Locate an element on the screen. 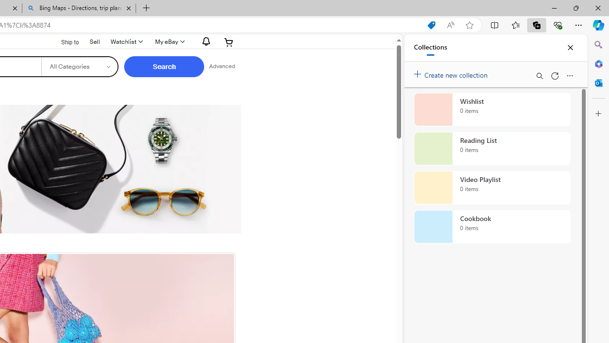 The image size is (609, 343). 'Expand Cart' is located at coordinates (229, 41).